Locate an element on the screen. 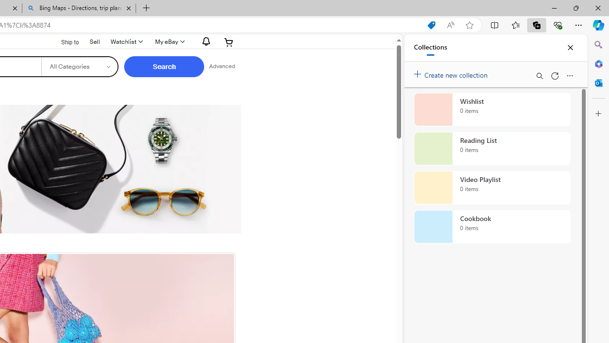 The image size is (609, 343). 'Expand Cart' is located at coordinates (229, 41).